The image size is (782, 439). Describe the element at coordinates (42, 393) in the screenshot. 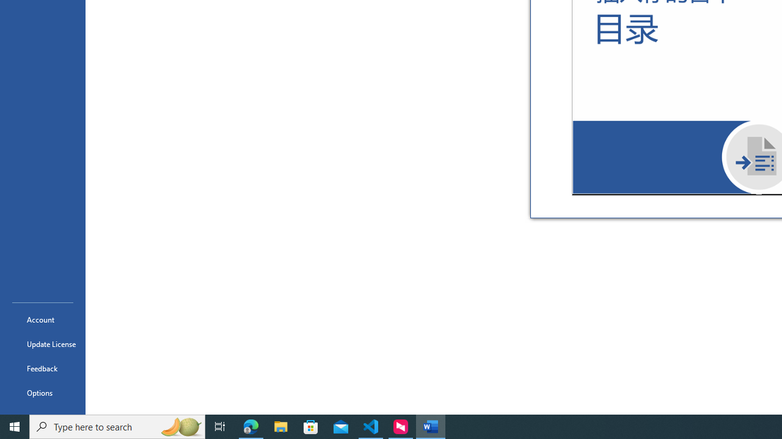

I see `'Options'` at that location.